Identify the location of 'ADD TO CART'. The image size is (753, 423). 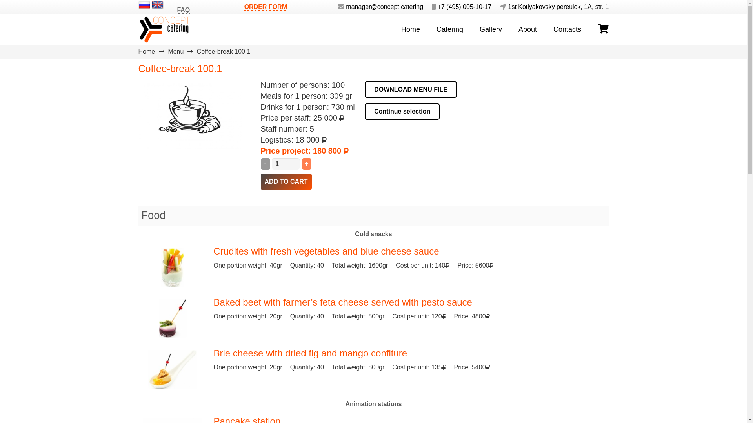
(286, 181).